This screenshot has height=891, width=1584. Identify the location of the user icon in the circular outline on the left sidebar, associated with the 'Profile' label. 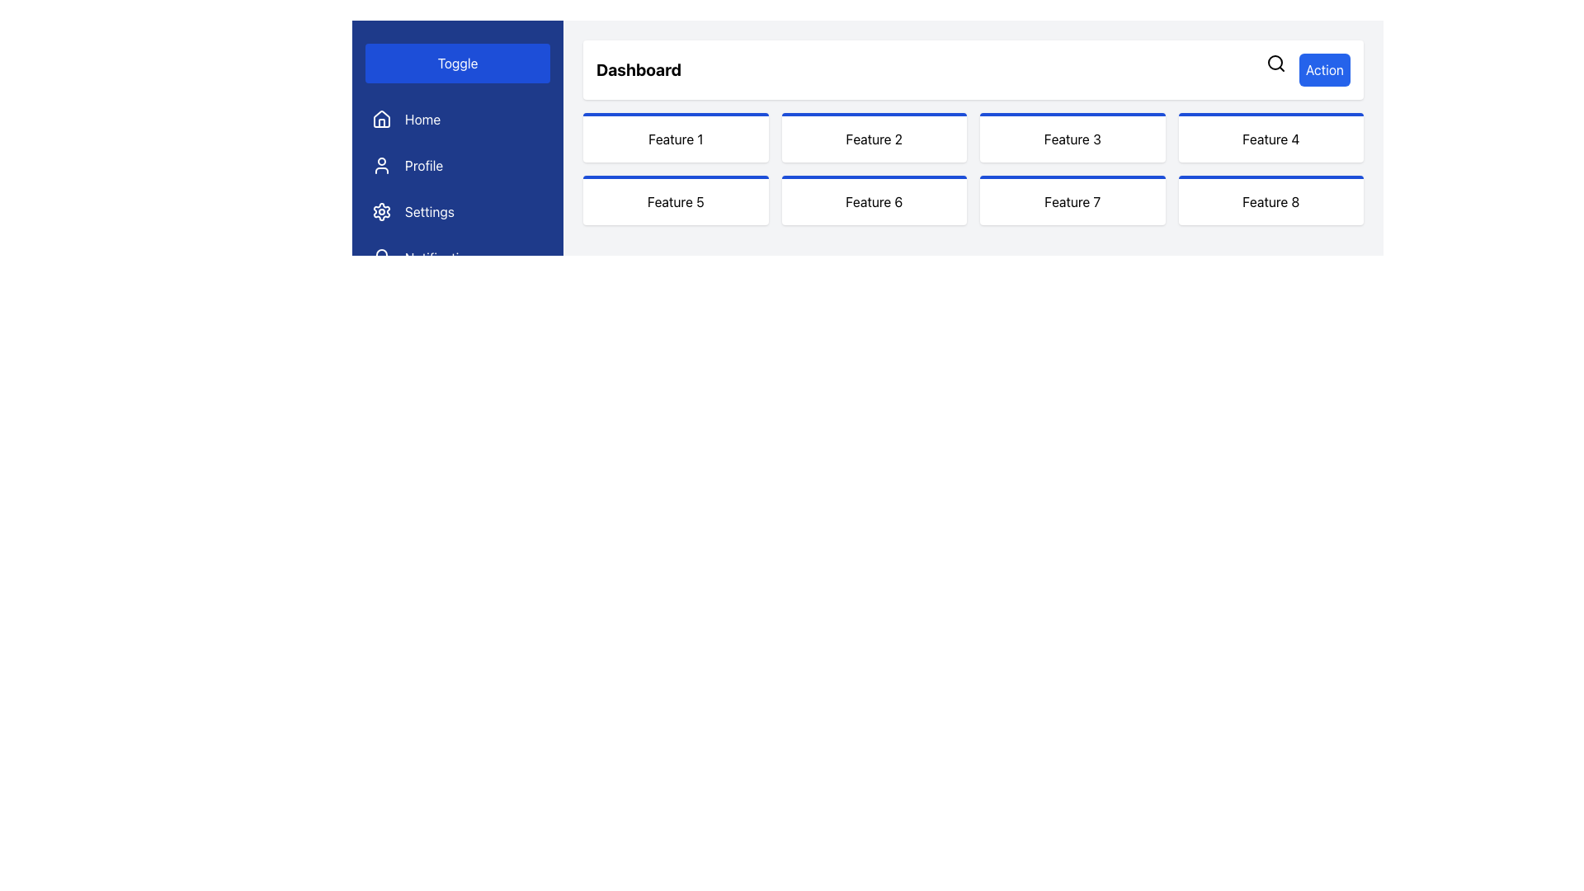
(380, 165).